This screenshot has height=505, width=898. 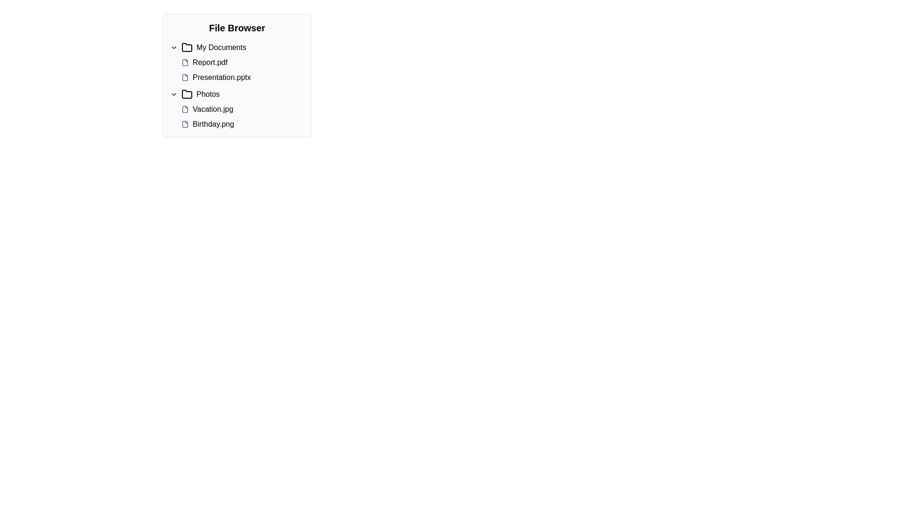 What do you see at coordinates (187, 94) in the screenshot?
I see `the folder icon representing the 'Photos' directory` at bounding box center [187, 94].